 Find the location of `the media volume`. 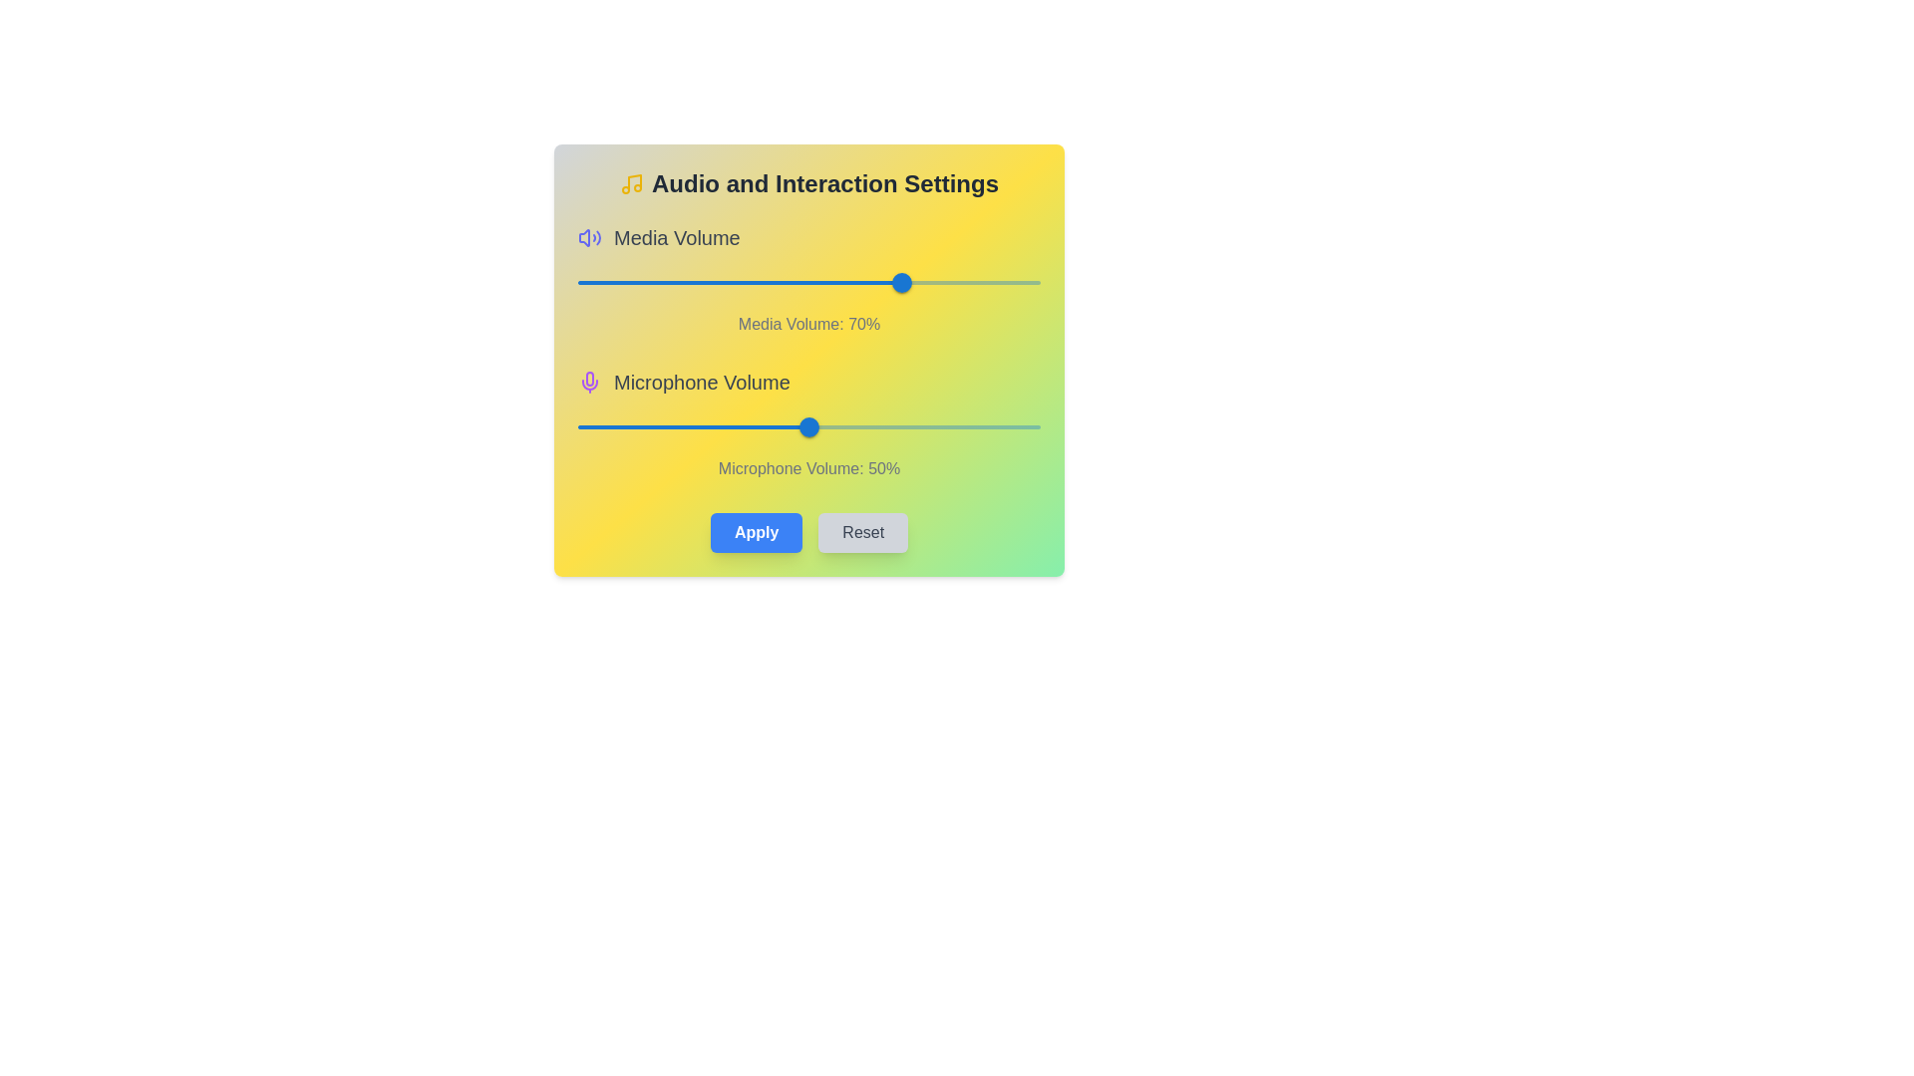

the media volume is located at coordinates (609, 283).